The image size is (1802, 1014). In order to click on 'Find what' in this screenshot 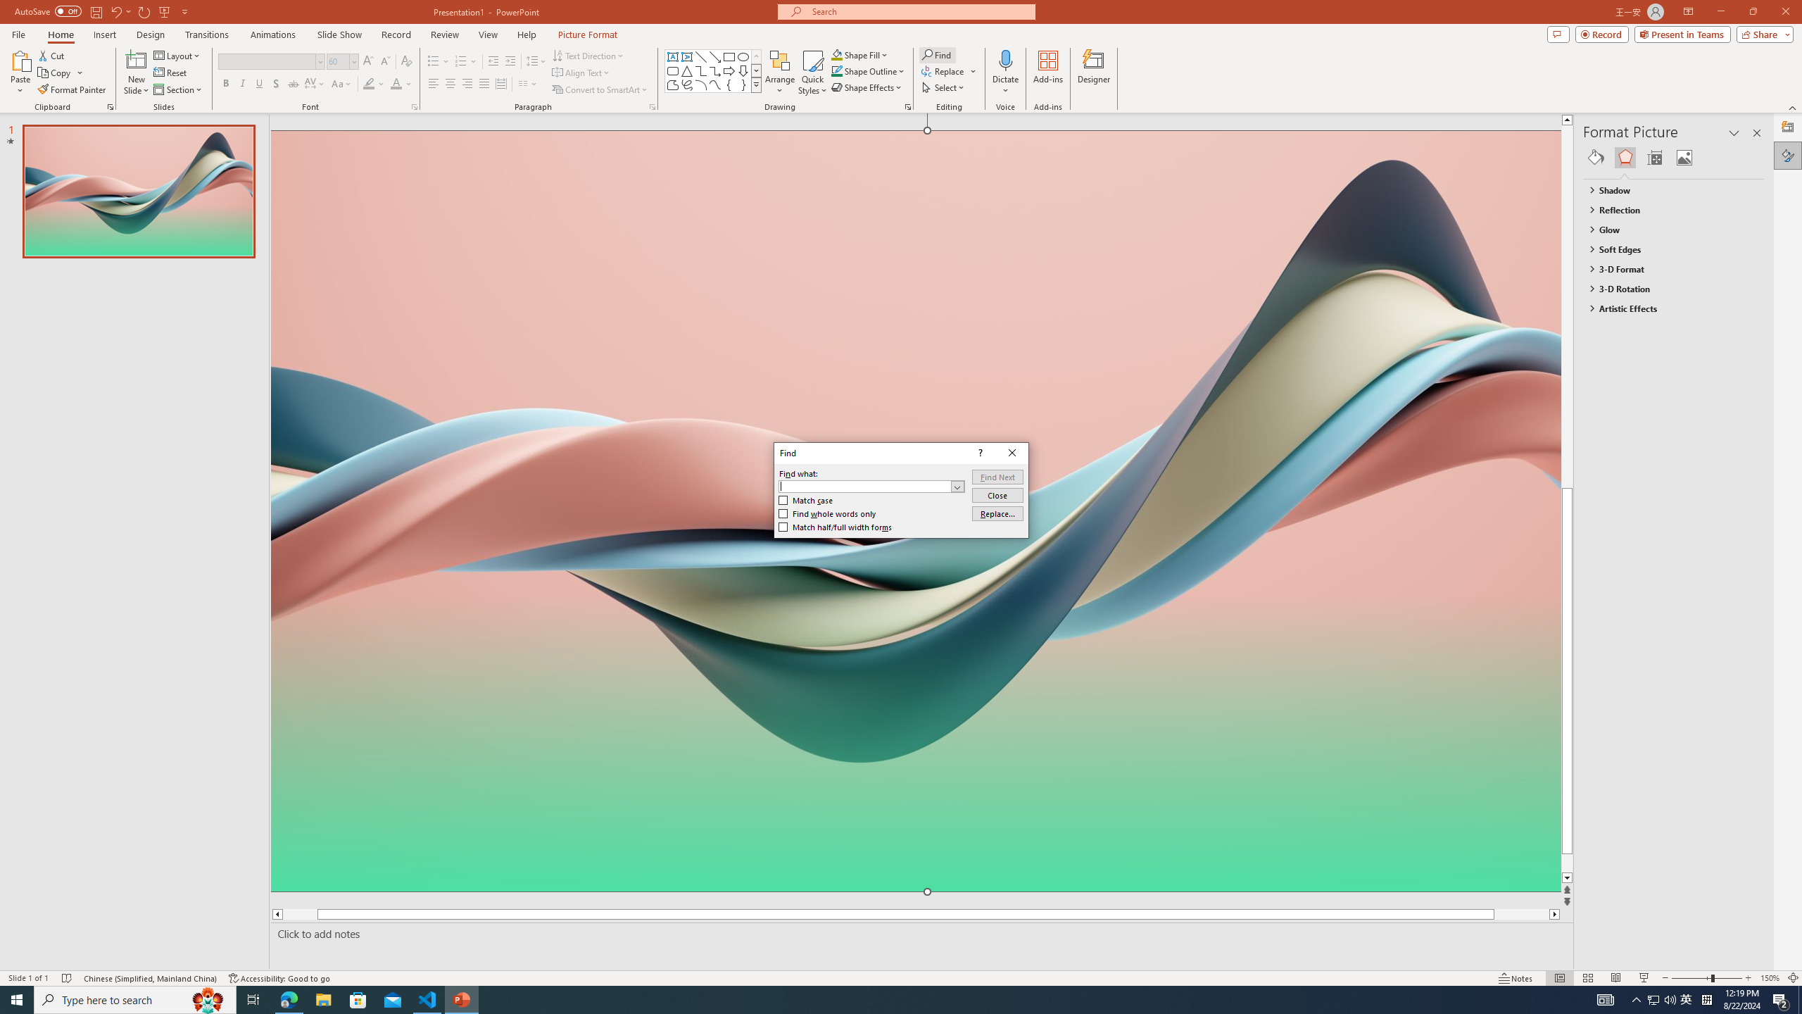, I will do `click(872, 486)`.